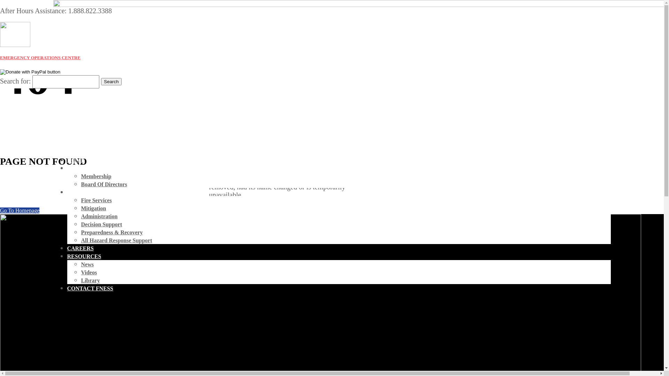  What do you see at coordinates (116, 240) in the screenshot?
I see `'All Hazard Response Support'` at bounding box center [116, 240].